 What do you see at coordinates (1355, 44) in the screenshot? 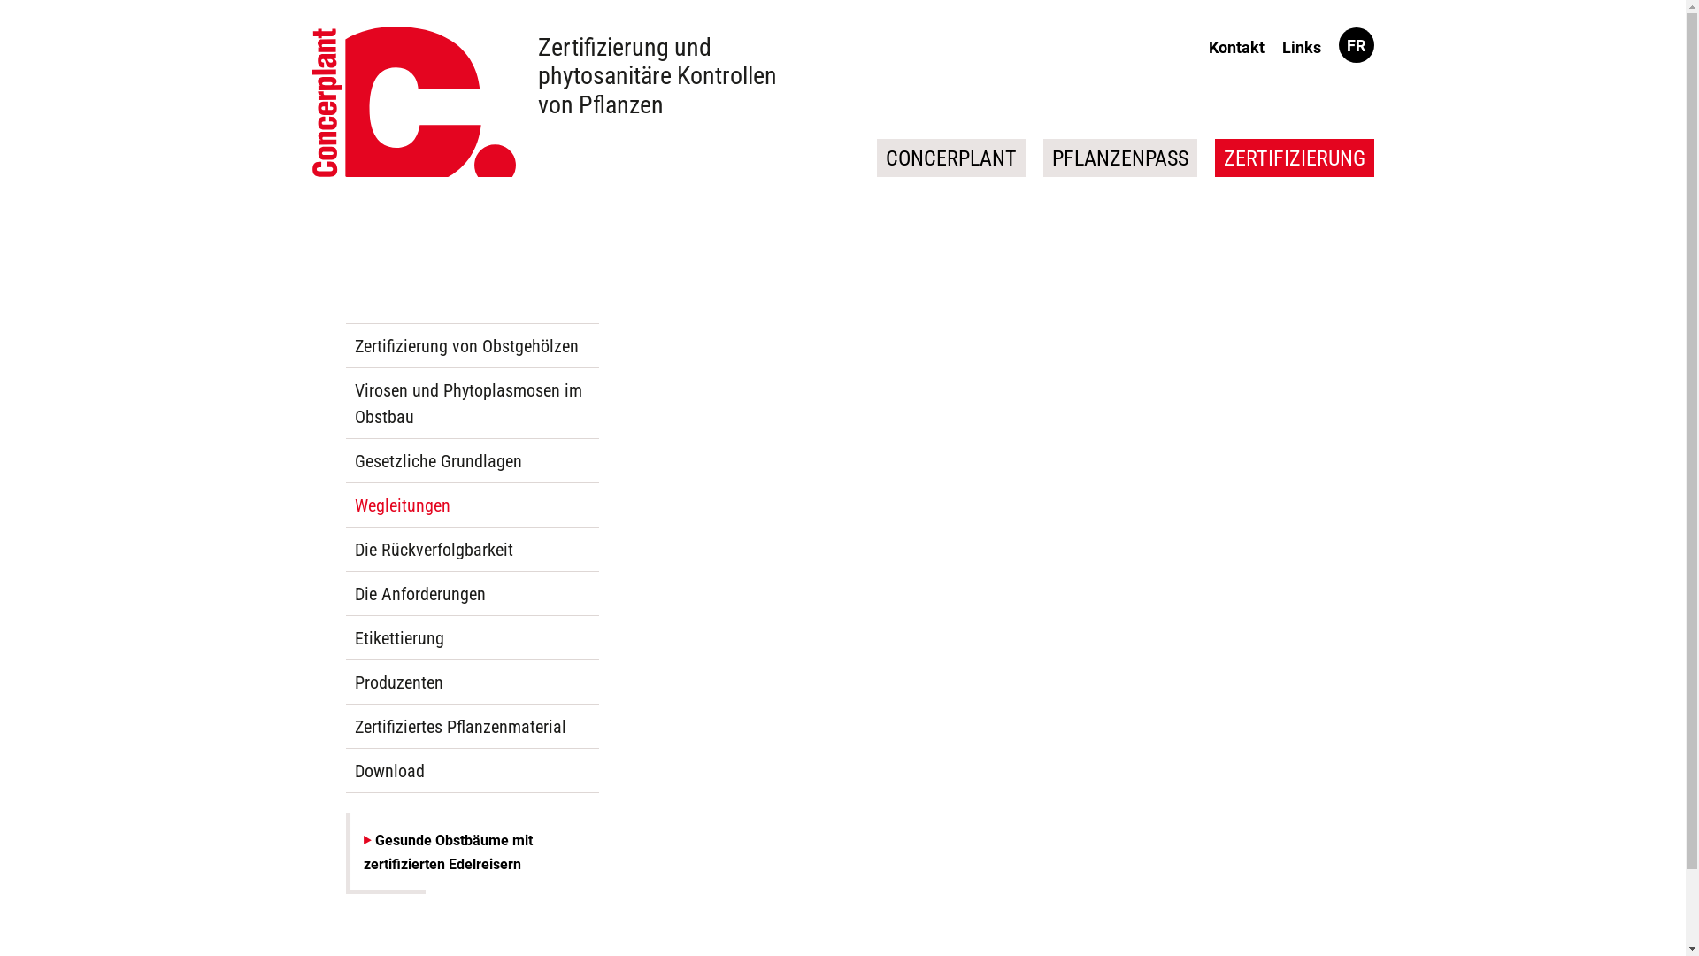
I see `'FR'` at bounding box center [1355, 44].